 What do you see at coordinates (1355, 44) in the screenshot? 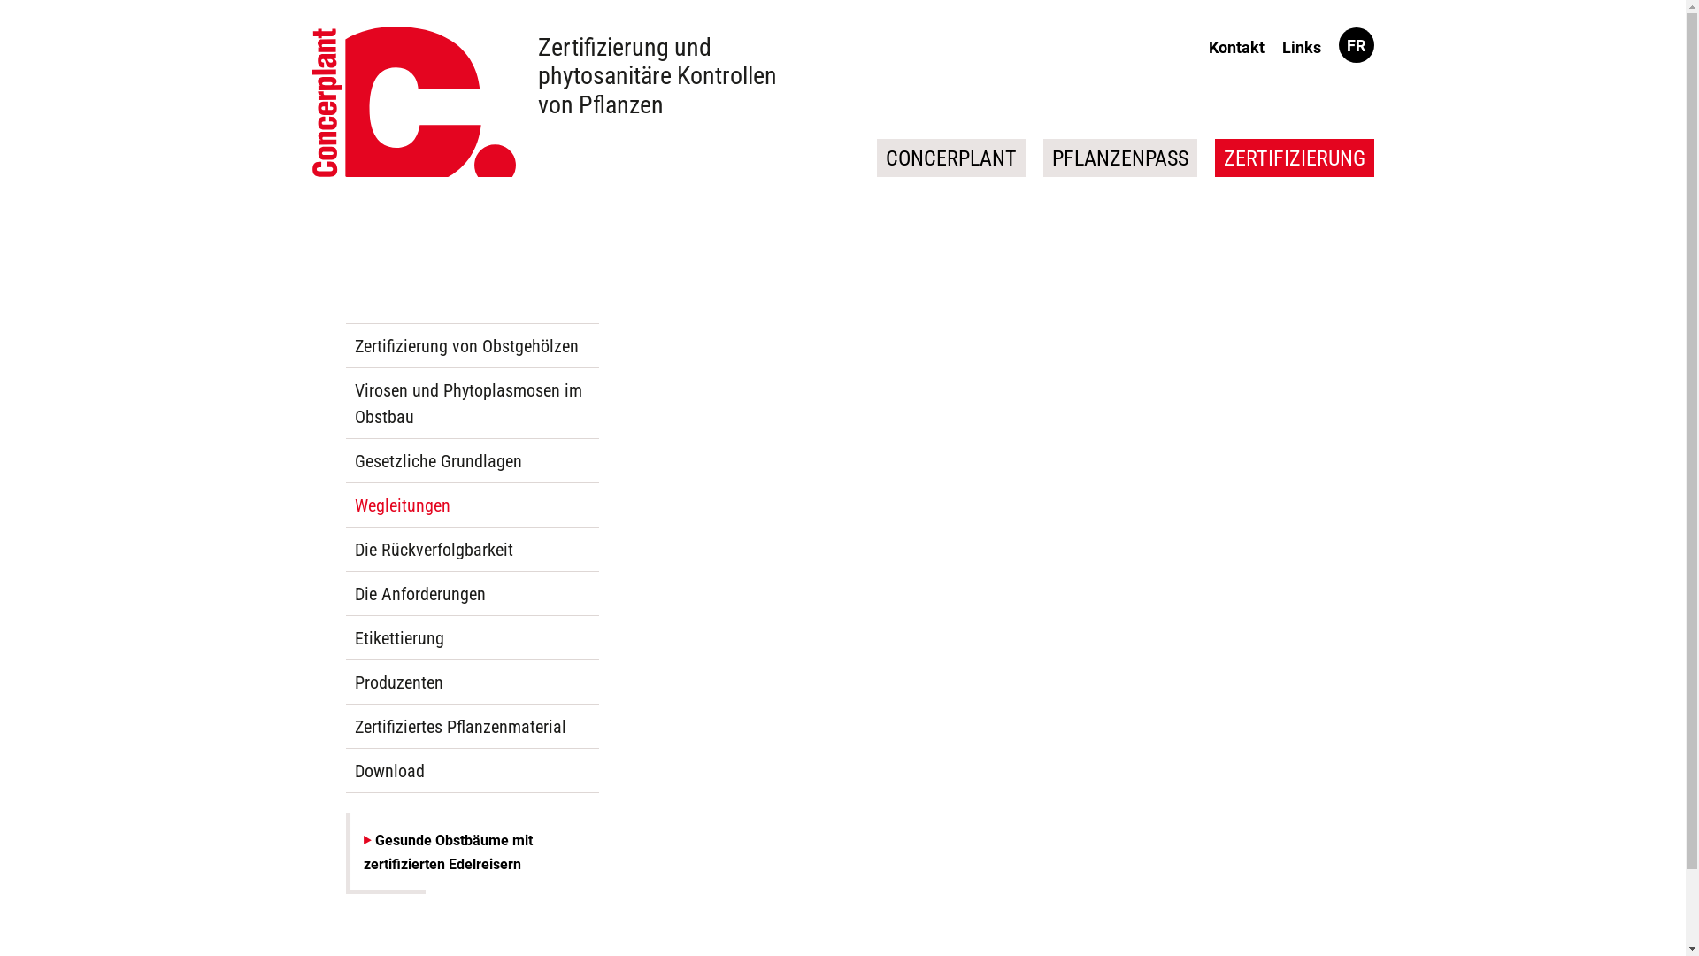
I see `'FR'` at bounding box center [1355, 44].